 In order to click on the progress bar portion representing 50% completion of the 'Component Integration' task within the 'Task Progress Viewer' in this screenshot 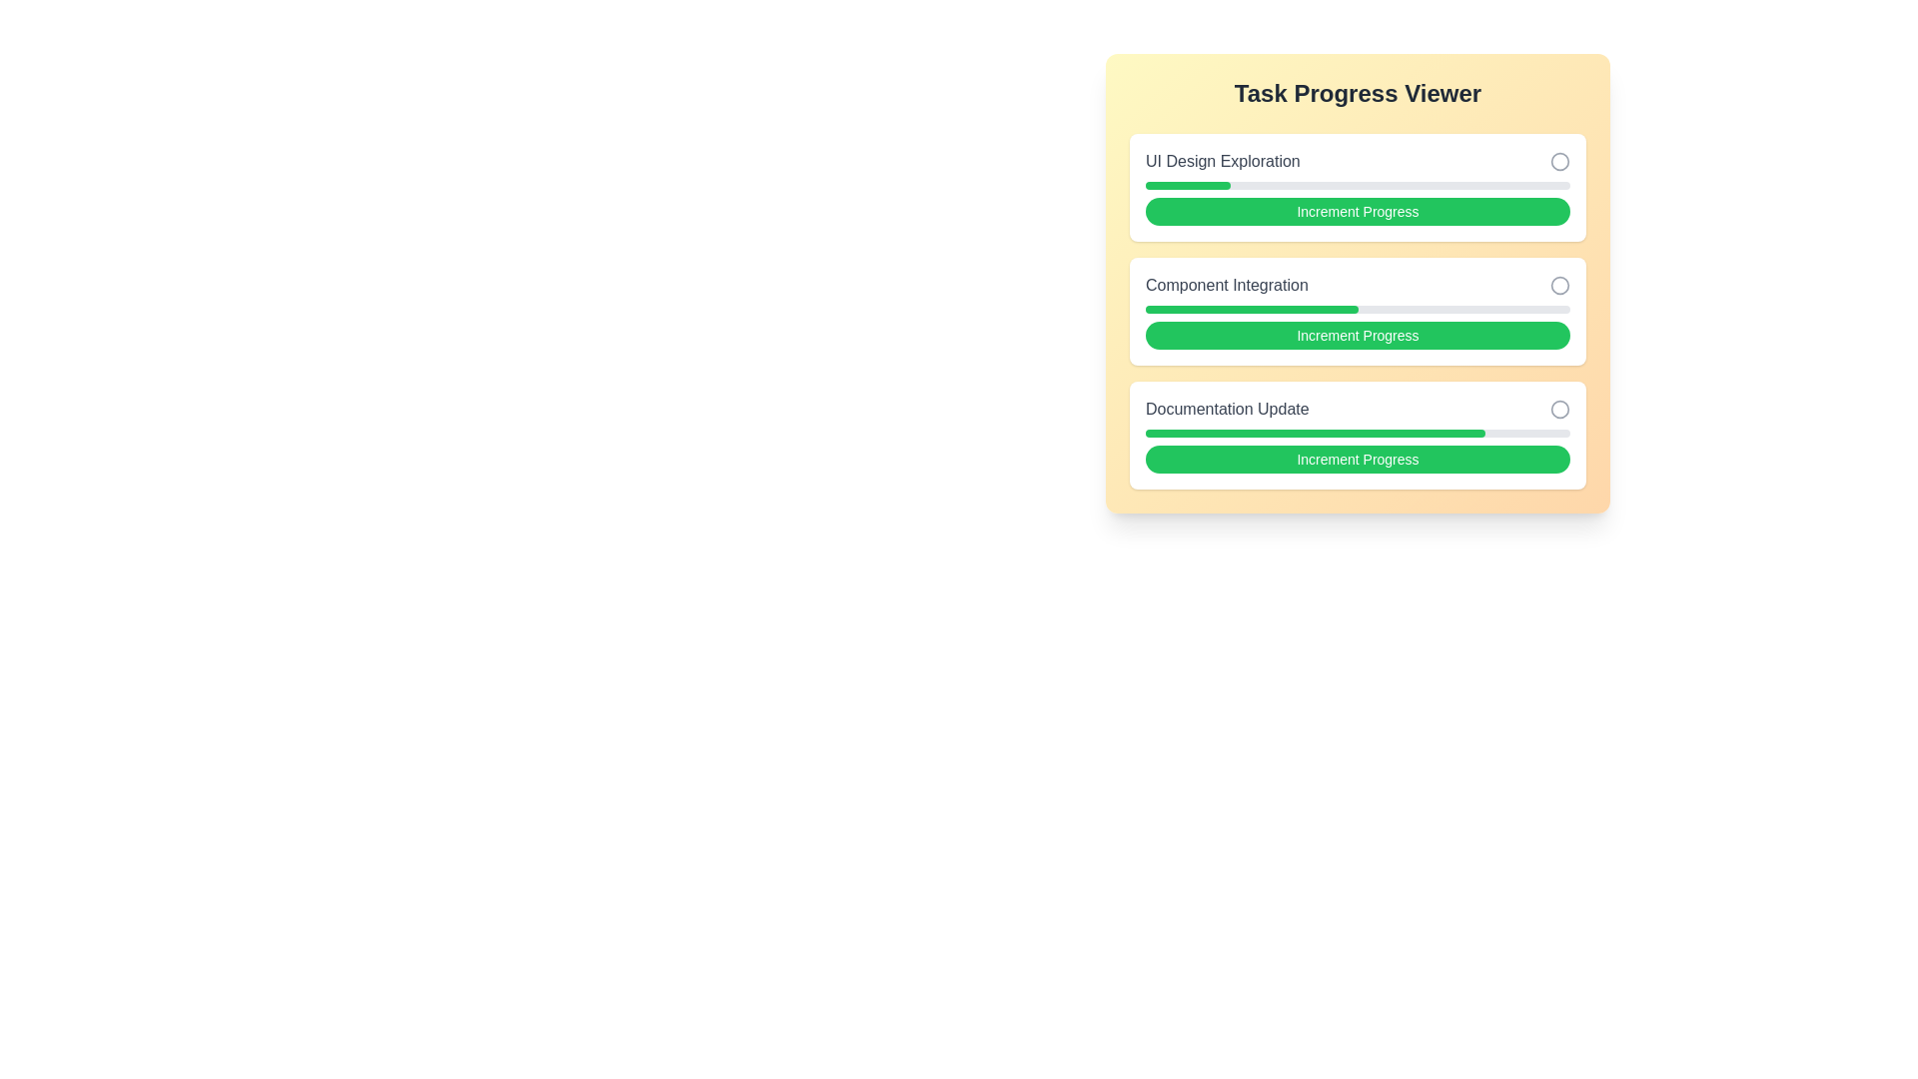, I will do `click(1251, 309)`.